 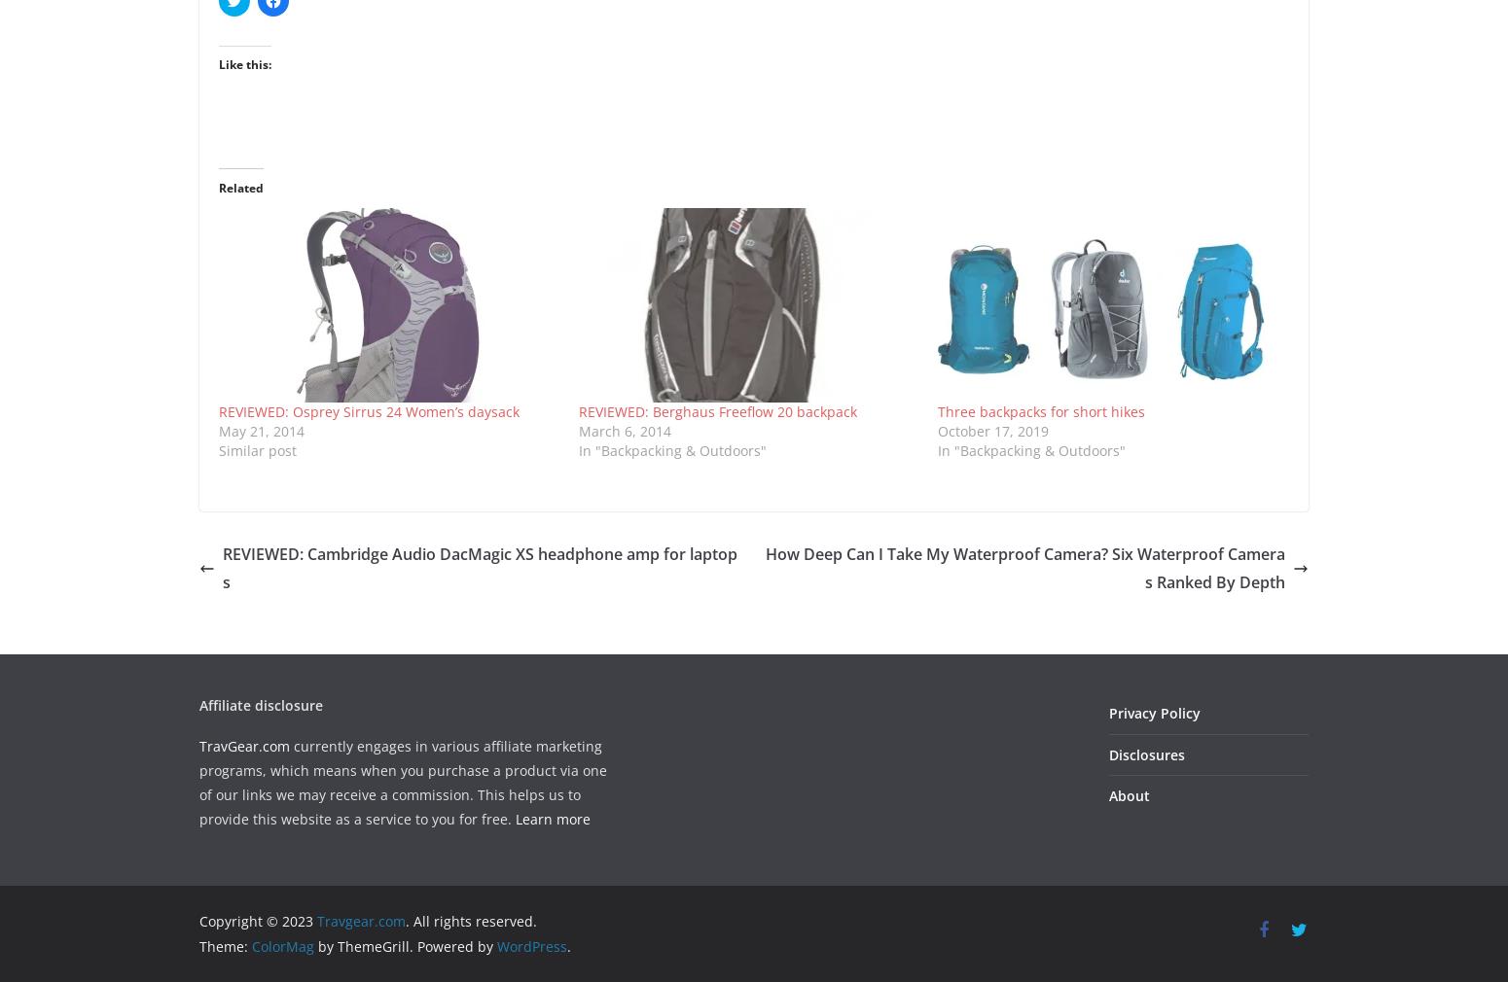 What do you see at coordinates (245, 63) in the screenshot?
I see `'Like this:'` at bounding box center [245, 63].